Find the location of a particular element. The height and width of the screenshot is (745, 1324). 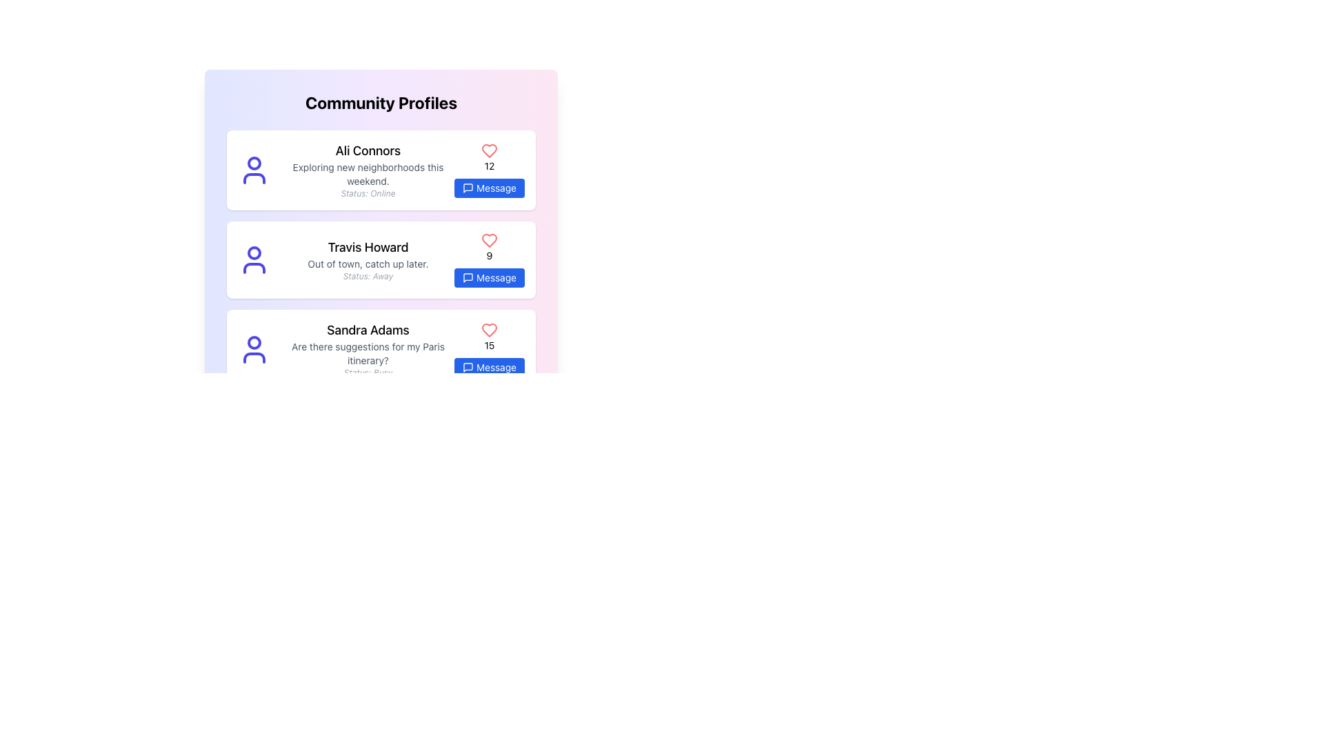

the static text label indicating the online status of 'Ali Connors', which is located below the text 'Exploring new neighborhoods this weekend.' is located at coordinates (368, 194).